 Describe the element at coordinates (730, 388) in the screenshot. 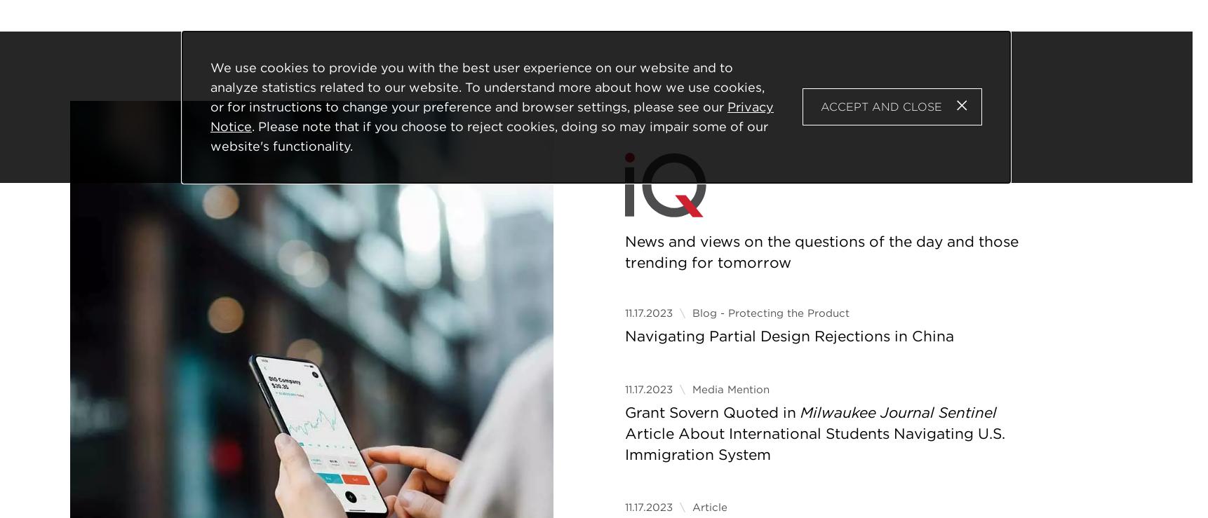

I see `'Media Mention'` at that location.